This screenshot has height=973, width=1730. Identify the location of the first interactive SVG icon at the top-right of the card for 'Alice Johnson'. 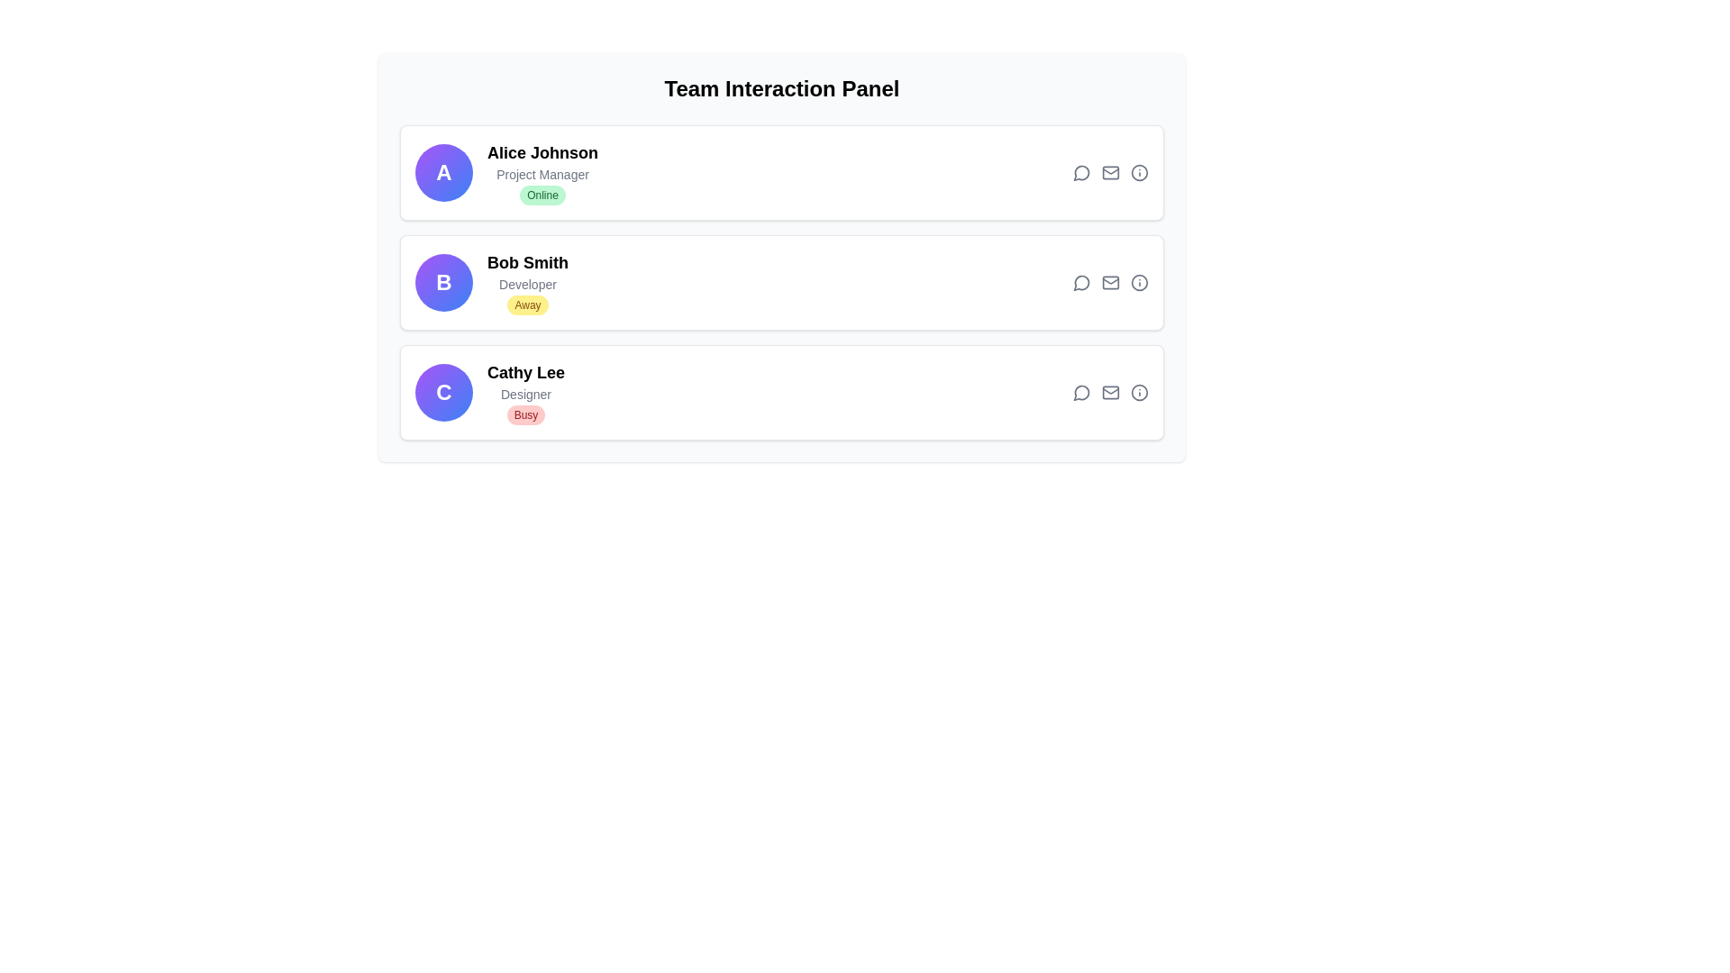
(1081, 173).